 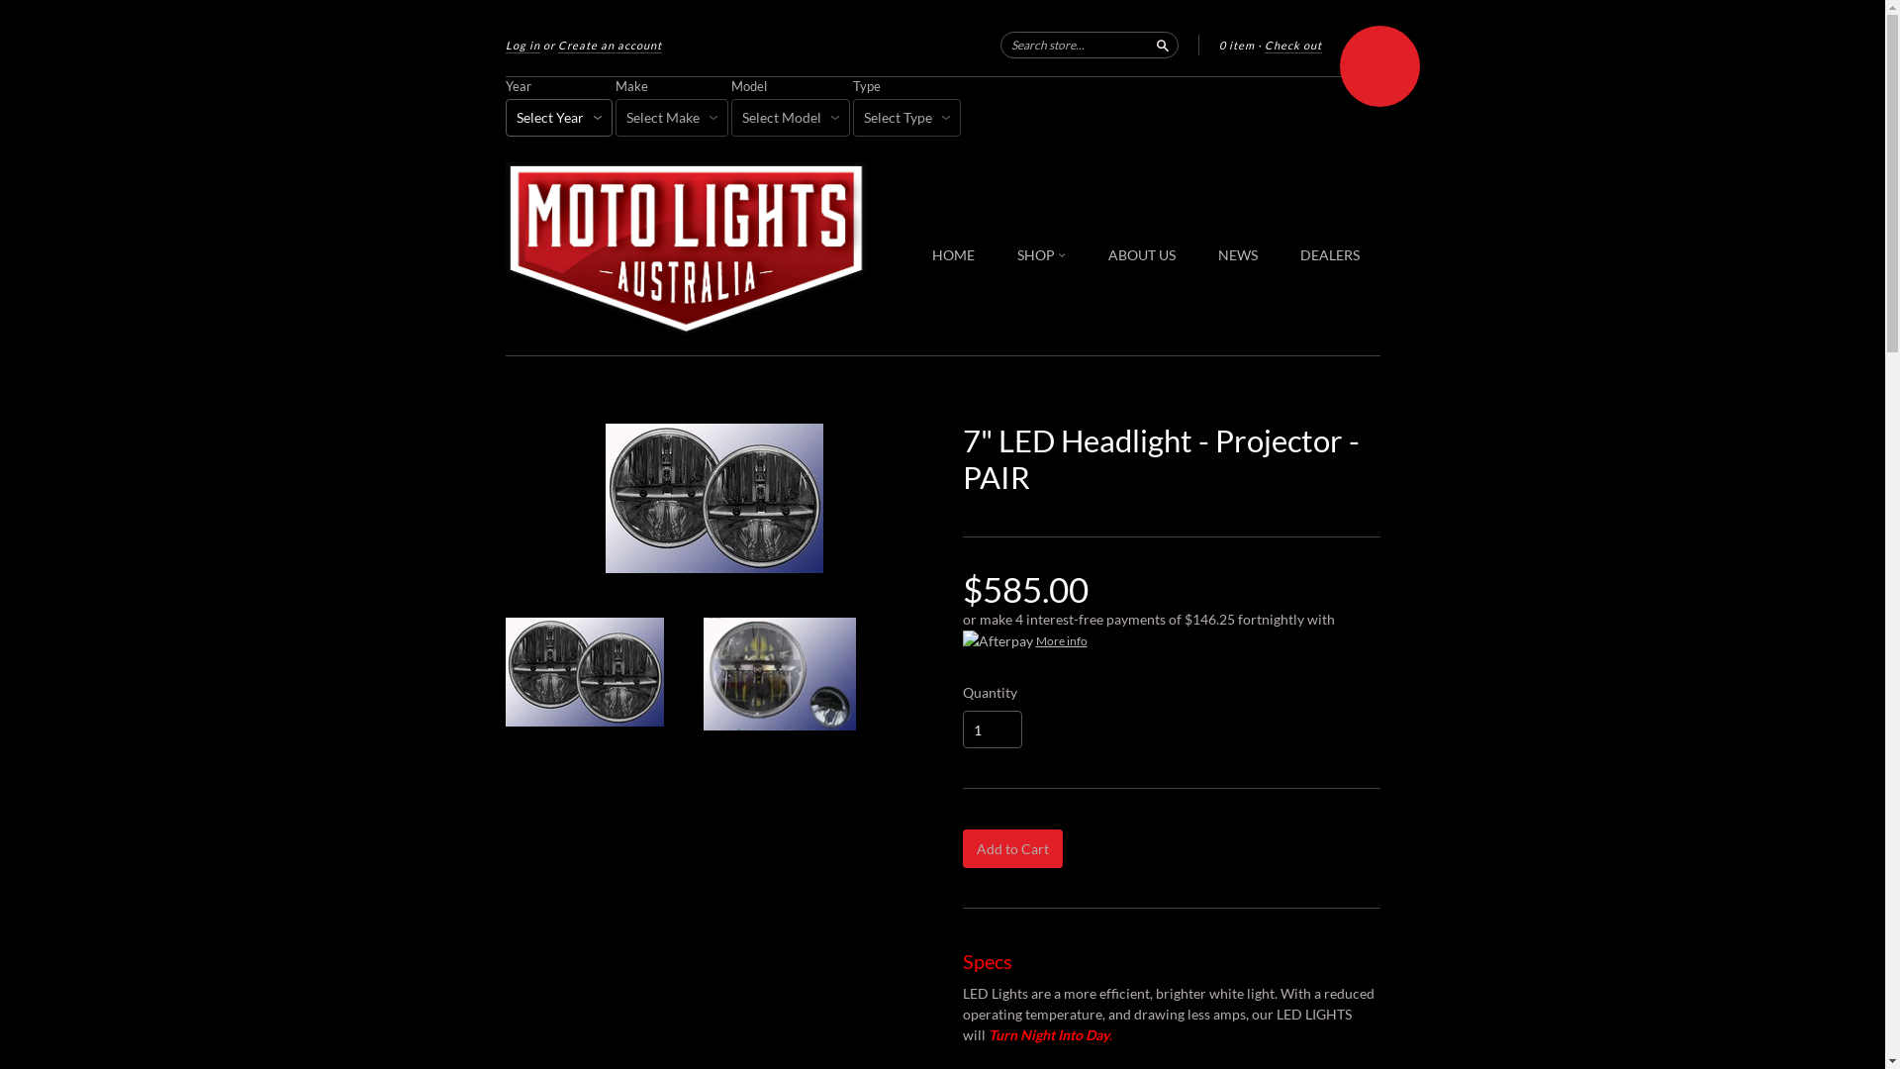 I want to click on 'More info', so click(x=1170, y=640).